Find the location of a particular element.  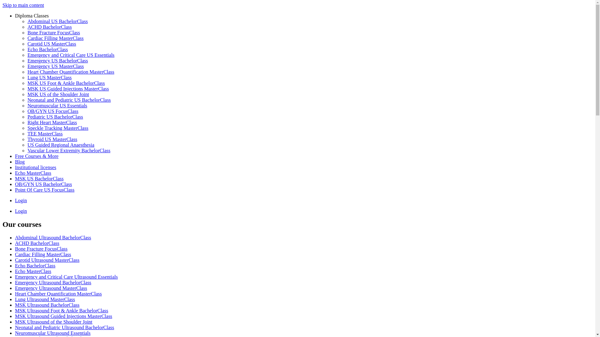

'Institutional licenses' is located at coordinates (35, 167).